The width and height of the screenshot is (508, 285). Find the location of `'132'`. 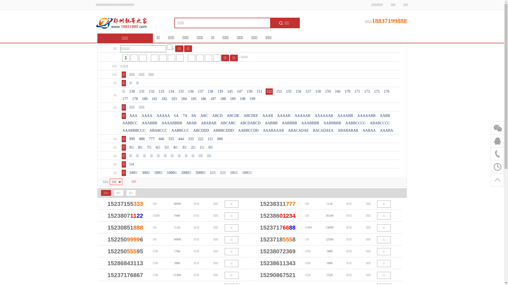

'132' is located at coordinates (151, 91).